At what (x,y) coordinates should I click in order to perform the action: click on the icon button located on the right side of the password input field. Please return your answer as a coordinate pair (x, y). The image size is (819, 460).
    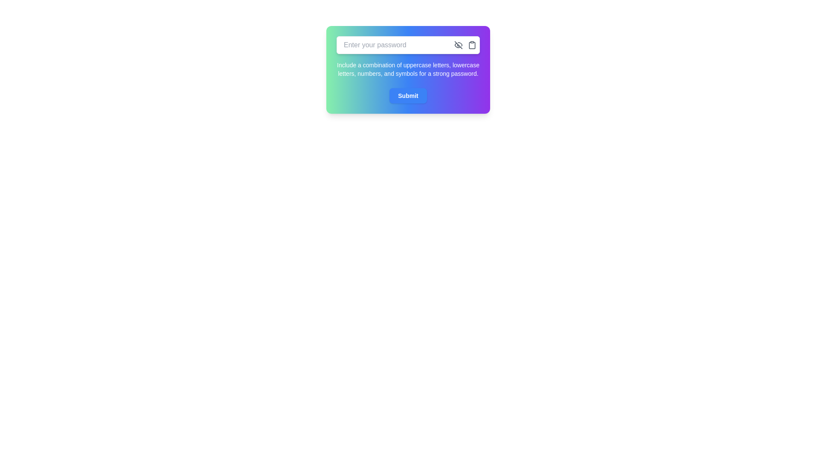
    Looking at the image, I should click on (458, 45).